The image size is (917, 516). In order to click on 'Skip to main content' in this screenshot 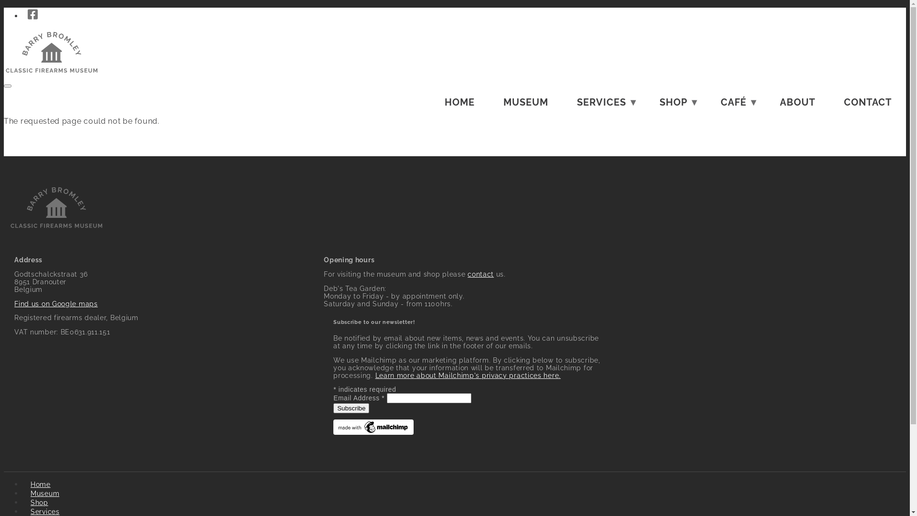, I will do `click(454, 9)`.